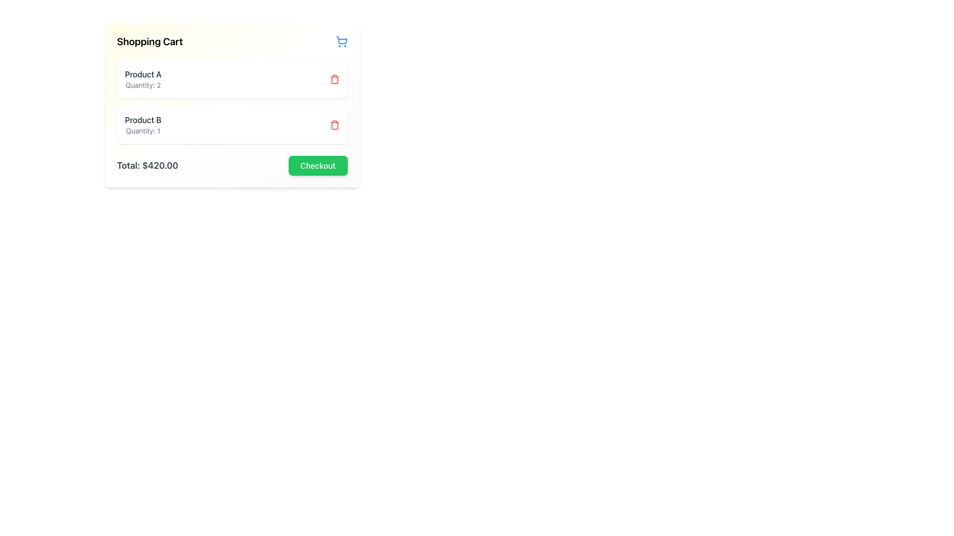 This screenshot has width=954, height=536. Describe the element at coordinates (317, 165) in the screenshot. I see `the 'Checkout' button with rounded corners and a green background` at that location.